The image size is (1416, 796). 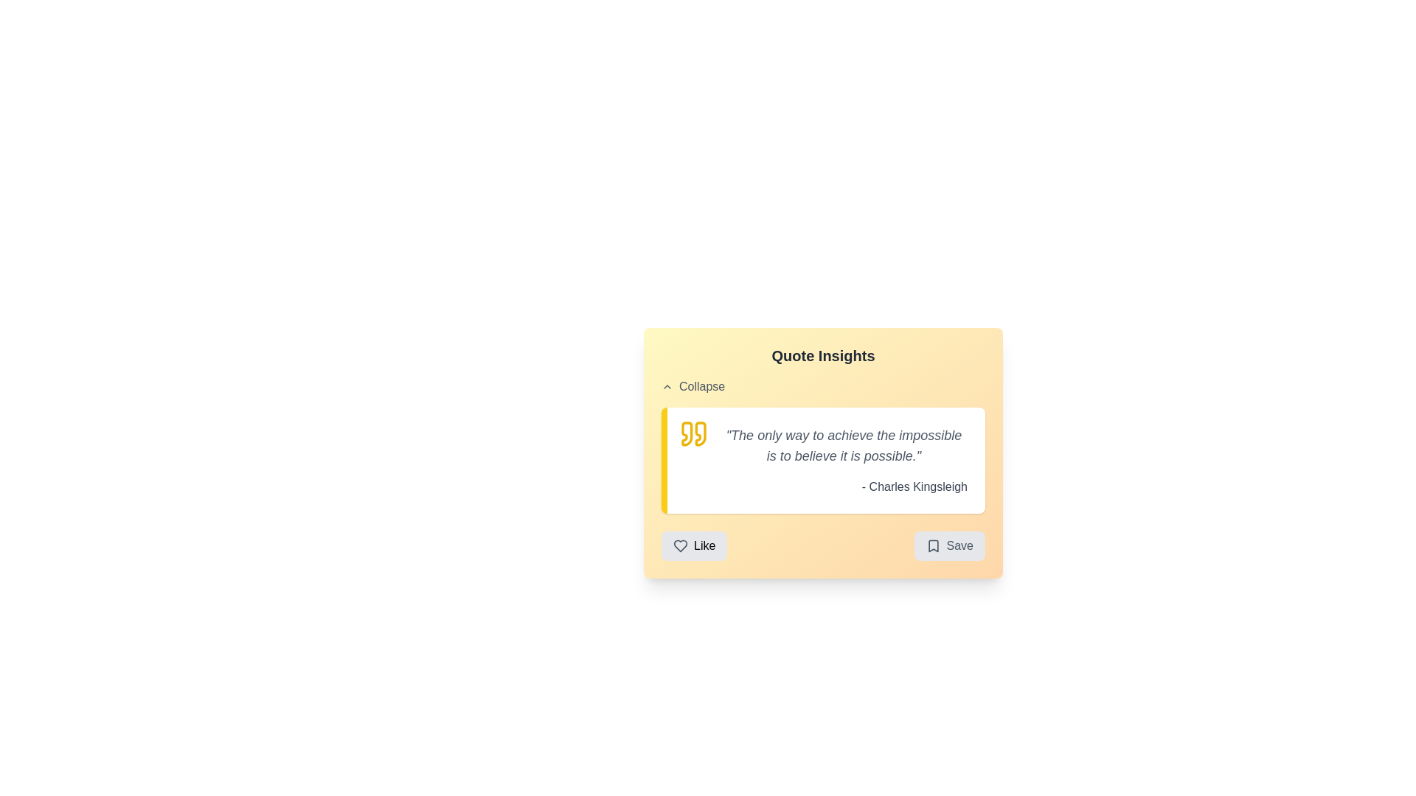 I want to click on the Decorative icon located at the top-left corner of the quote card, which symbolizes the beginning of the quoted text, so click(x=686, y=433).